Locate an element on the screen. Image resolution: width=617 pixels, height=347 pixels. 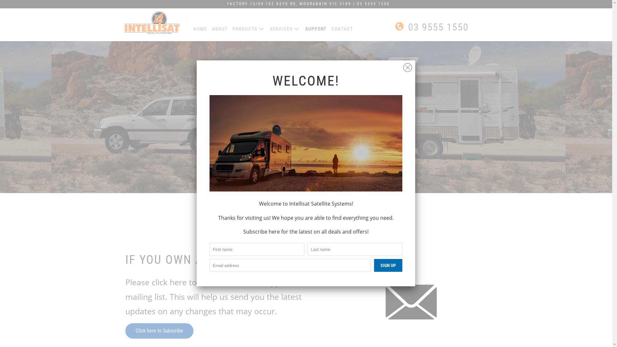
'PRODUCTS' is located at coordinates (248, 28).